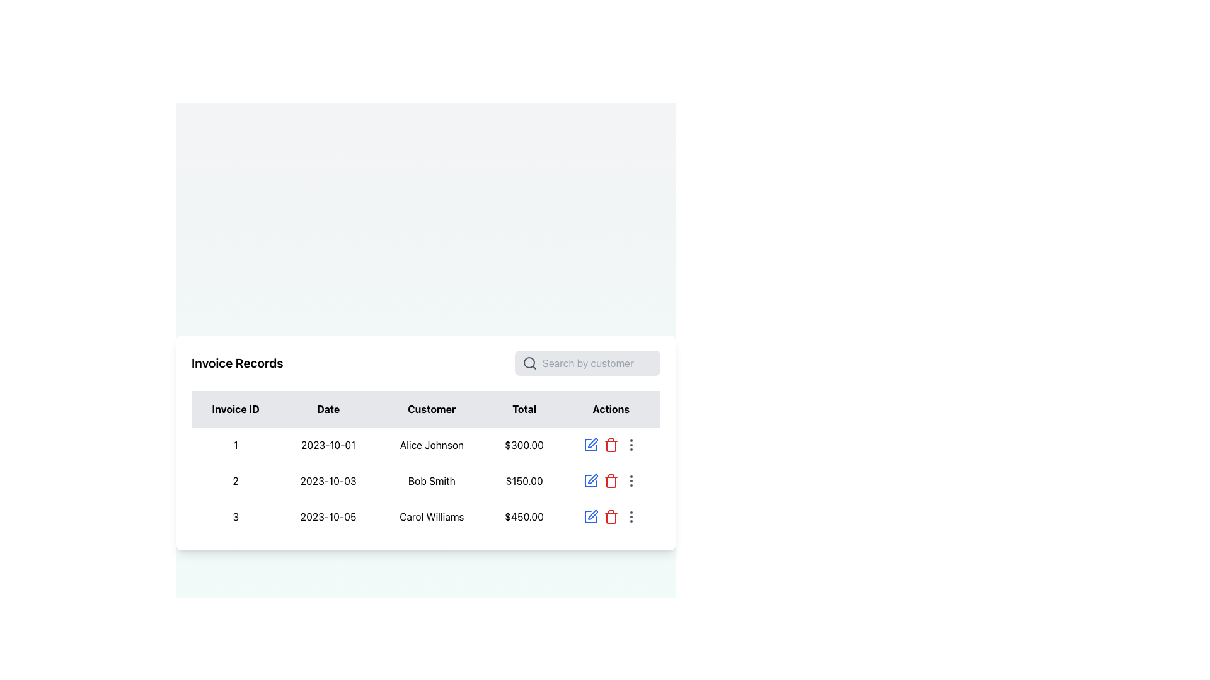 The width and height of the screenshot is (1210, 680). What do you see at coordinates (328, 409) in the screenshot?
I see `the 'Date' column header label in the table, which is the second column header indicating invoice dates` at bounding box center [328, 409].